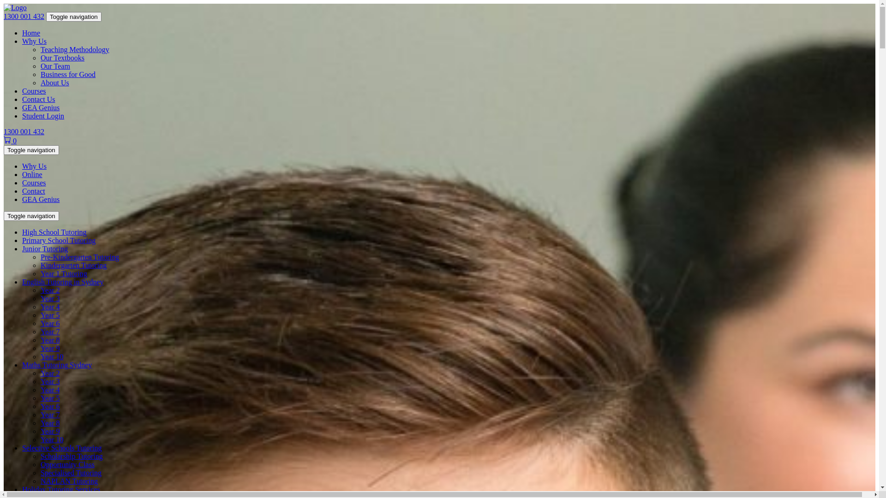  I want to click on 'Year 2', so click(49, 373).